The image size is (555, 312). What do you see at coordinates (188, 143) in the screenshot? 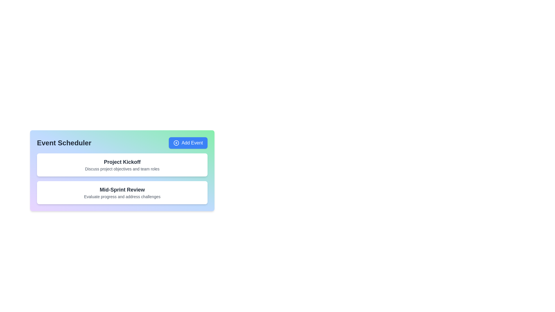
I see `the 'Add Event' button, which is a rectangular button with rounded corners, blue background, and white text located in the top-right corner of the 'Event Scheduler' section` at bounding box center [188, 143].